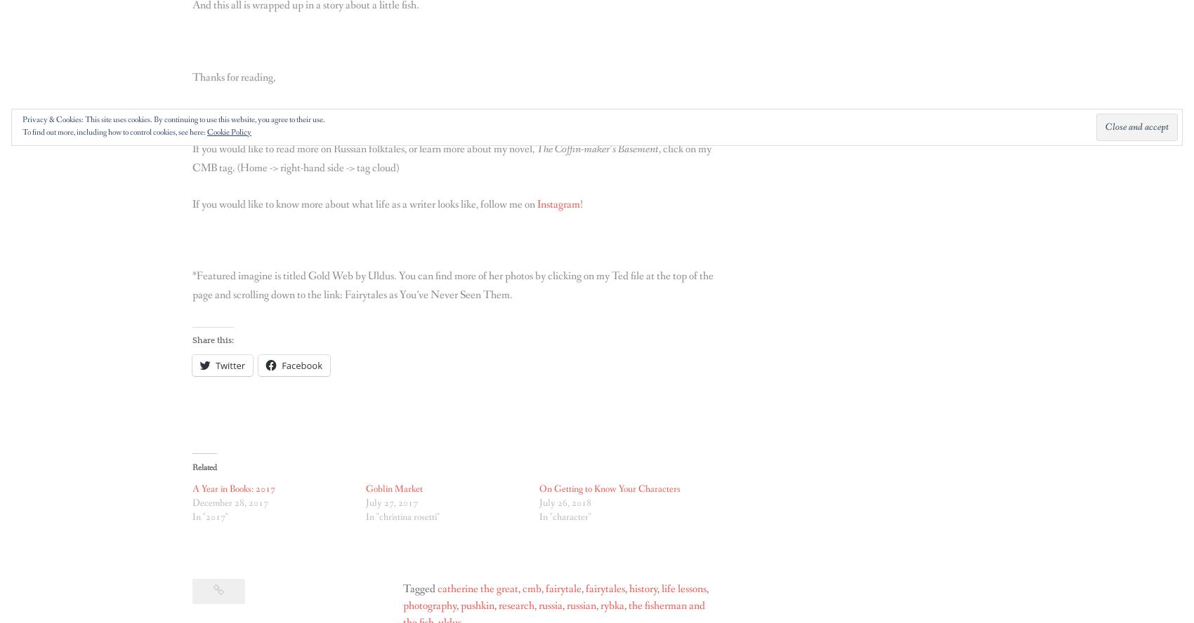 This screenshot has width=1194, height=623. I want to click on 'If you would like to know more about what life as a writer looks like, follow me on', so click(365, 203).